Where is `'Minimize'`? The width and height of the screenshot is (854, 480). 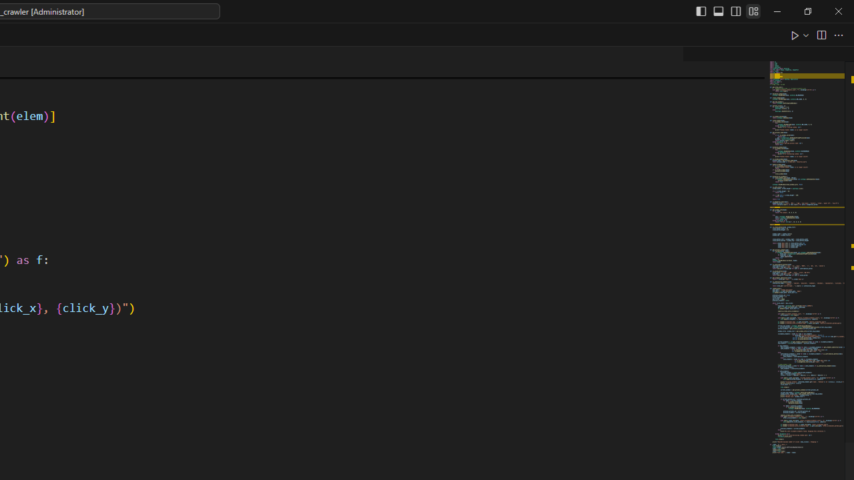
'Minimize' is located at coordinates (777, 11).